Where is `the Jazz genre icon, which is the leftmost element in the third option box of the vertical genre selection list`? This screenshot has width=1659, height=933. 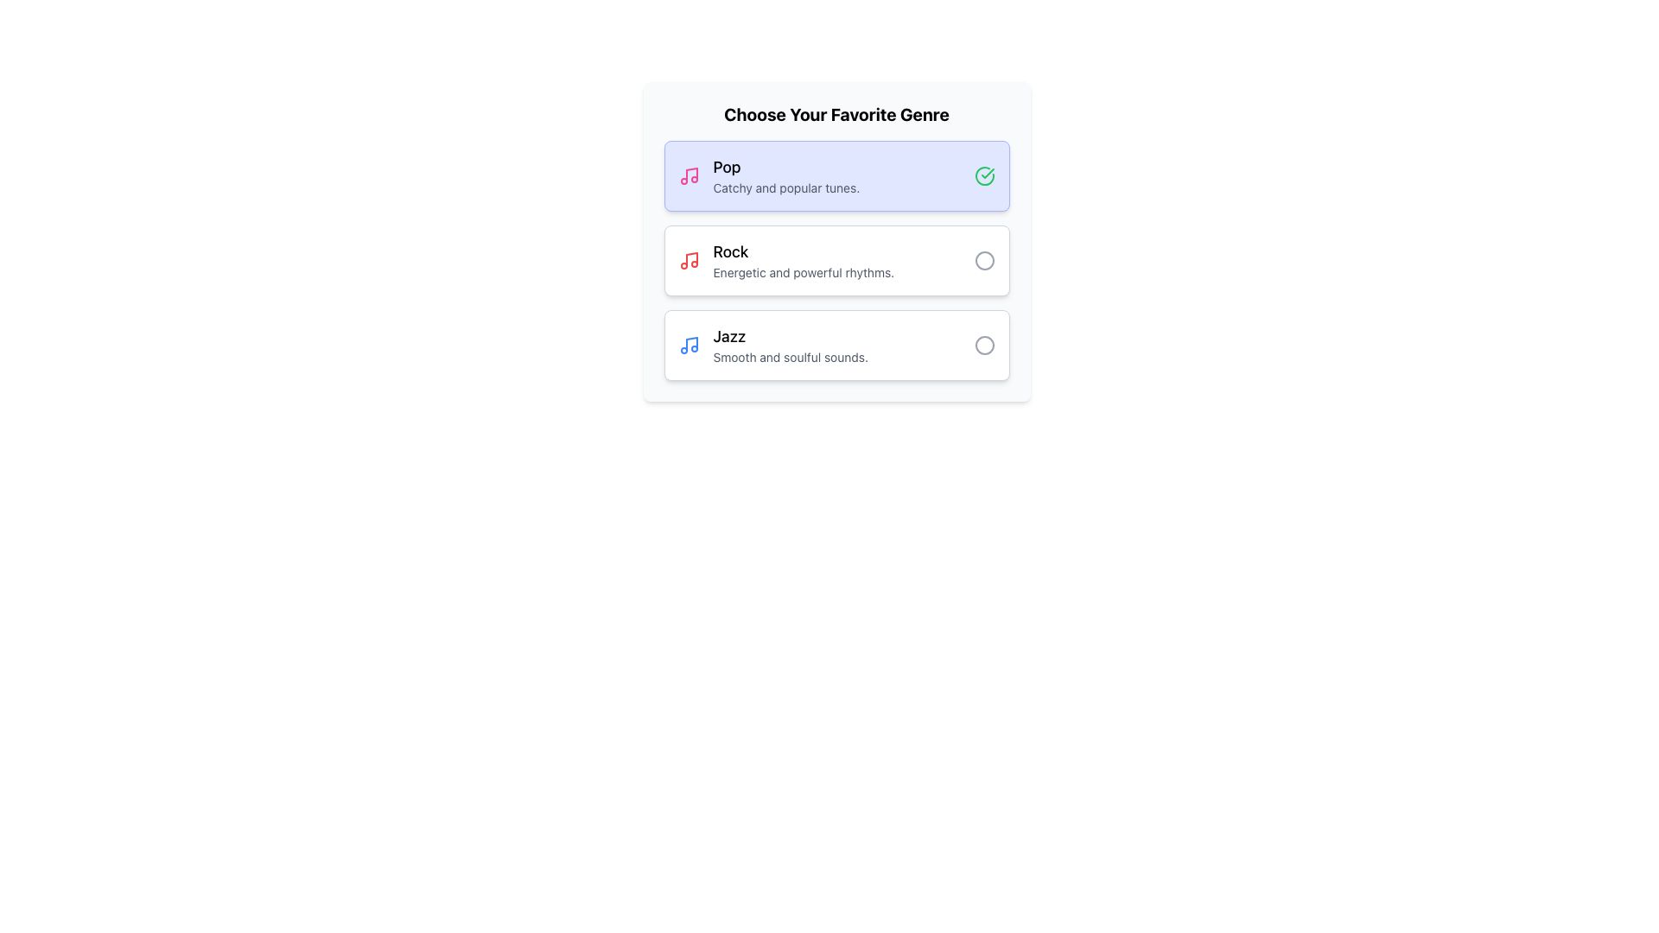
the Jazz genre icon, which is the leftmost element in the third option box of the vertical genre selection list is located at coordinates (688, 346).